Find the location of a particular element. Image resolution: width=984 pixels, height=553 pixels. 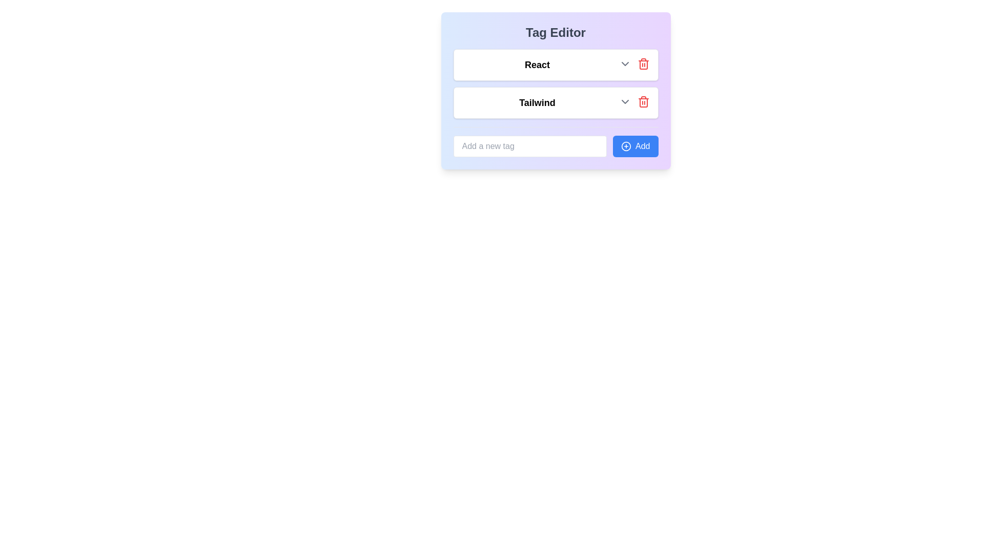

the delete icon for the 'Tailwind' tag to observe its hover effect is located at coordinates (643, 102).